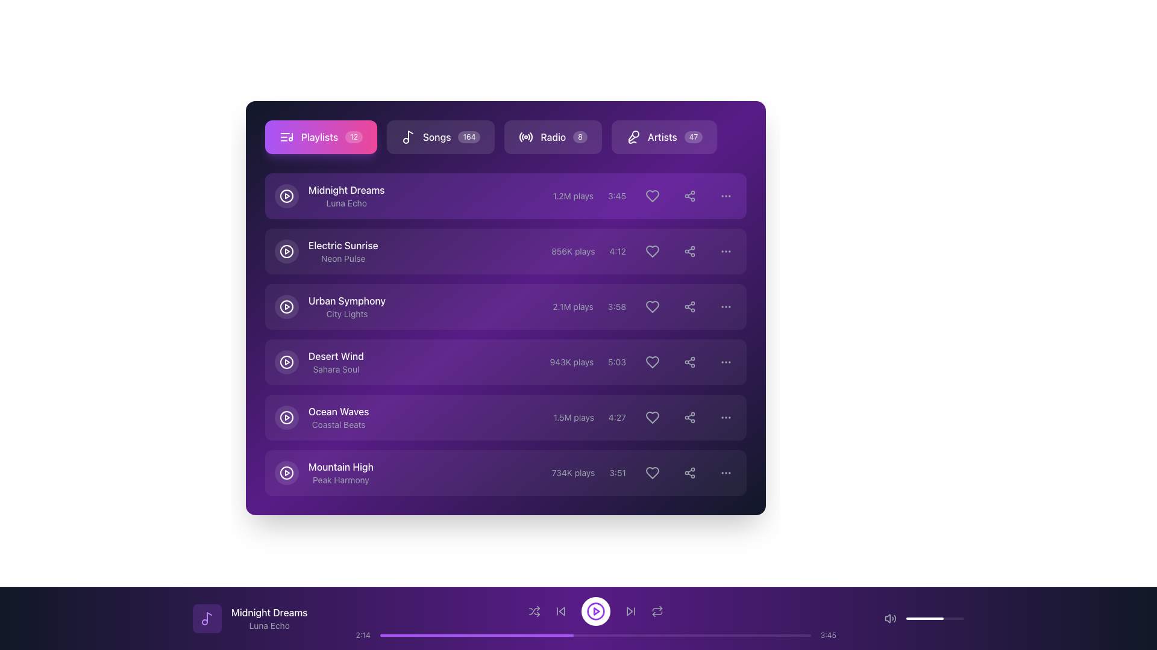  What do you see at coordinates (286, 250) in the screenshot?
I see `the circular play button with a white border that plays the song 'Electric Sunrise.'` at bounding box center [286, 250].